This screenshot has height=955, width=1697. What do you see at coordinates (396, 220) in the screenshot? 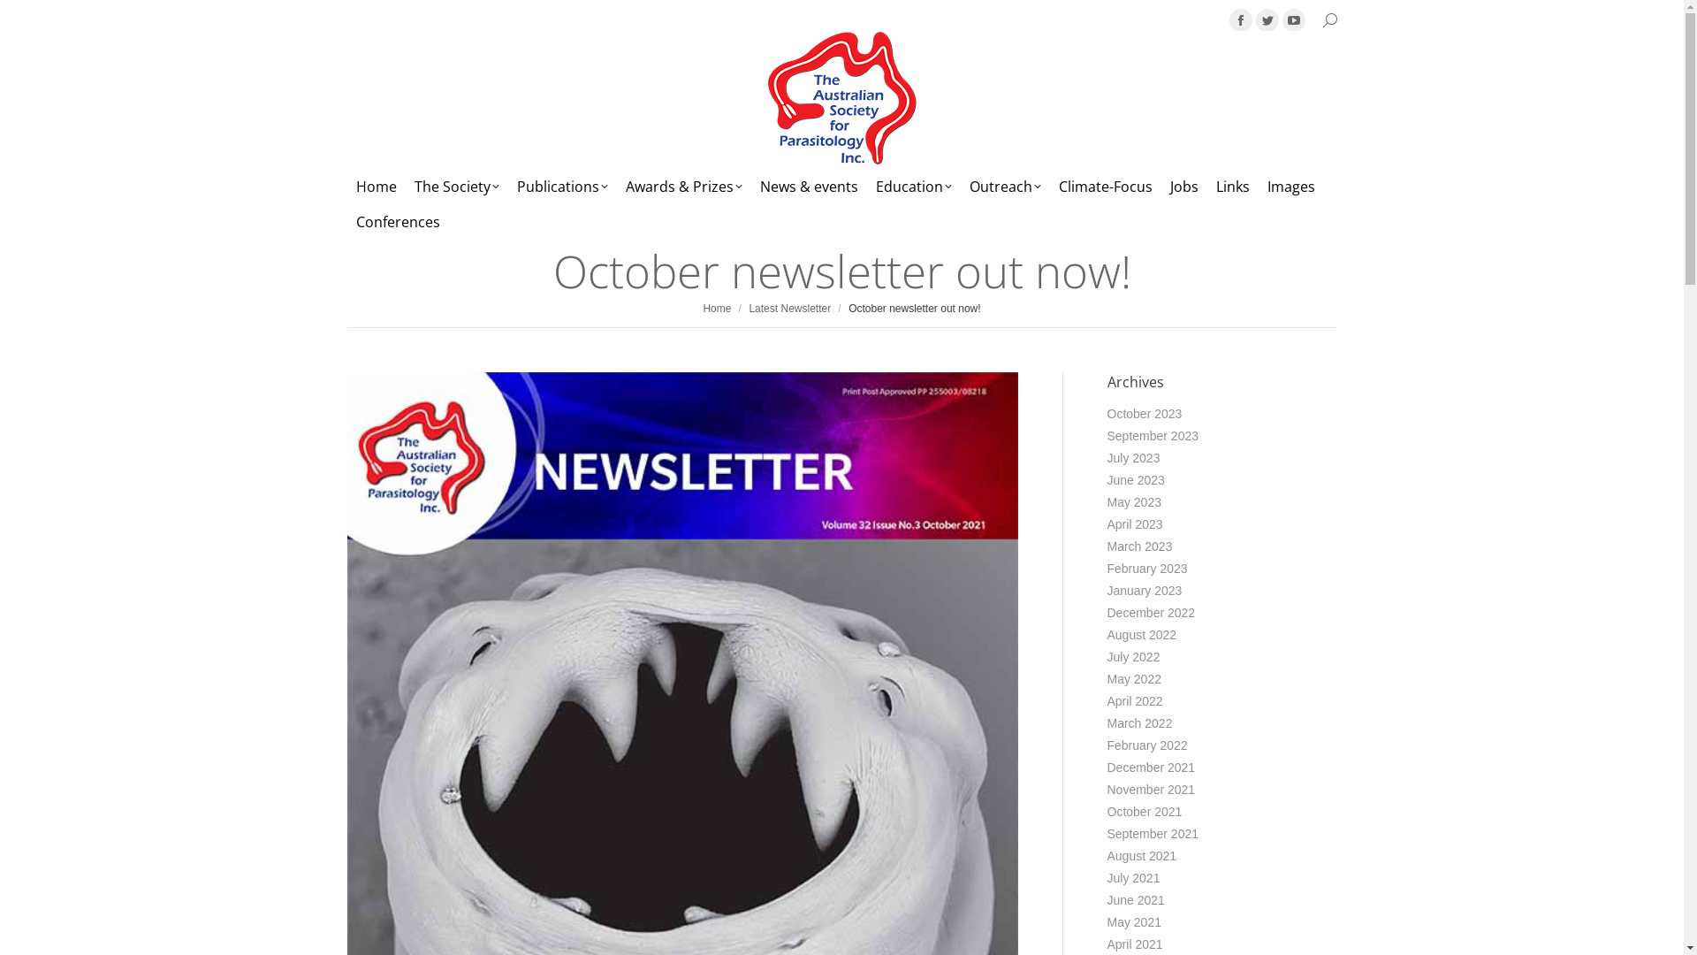
I see `'Conferences'` at bounding box center [396, 220].